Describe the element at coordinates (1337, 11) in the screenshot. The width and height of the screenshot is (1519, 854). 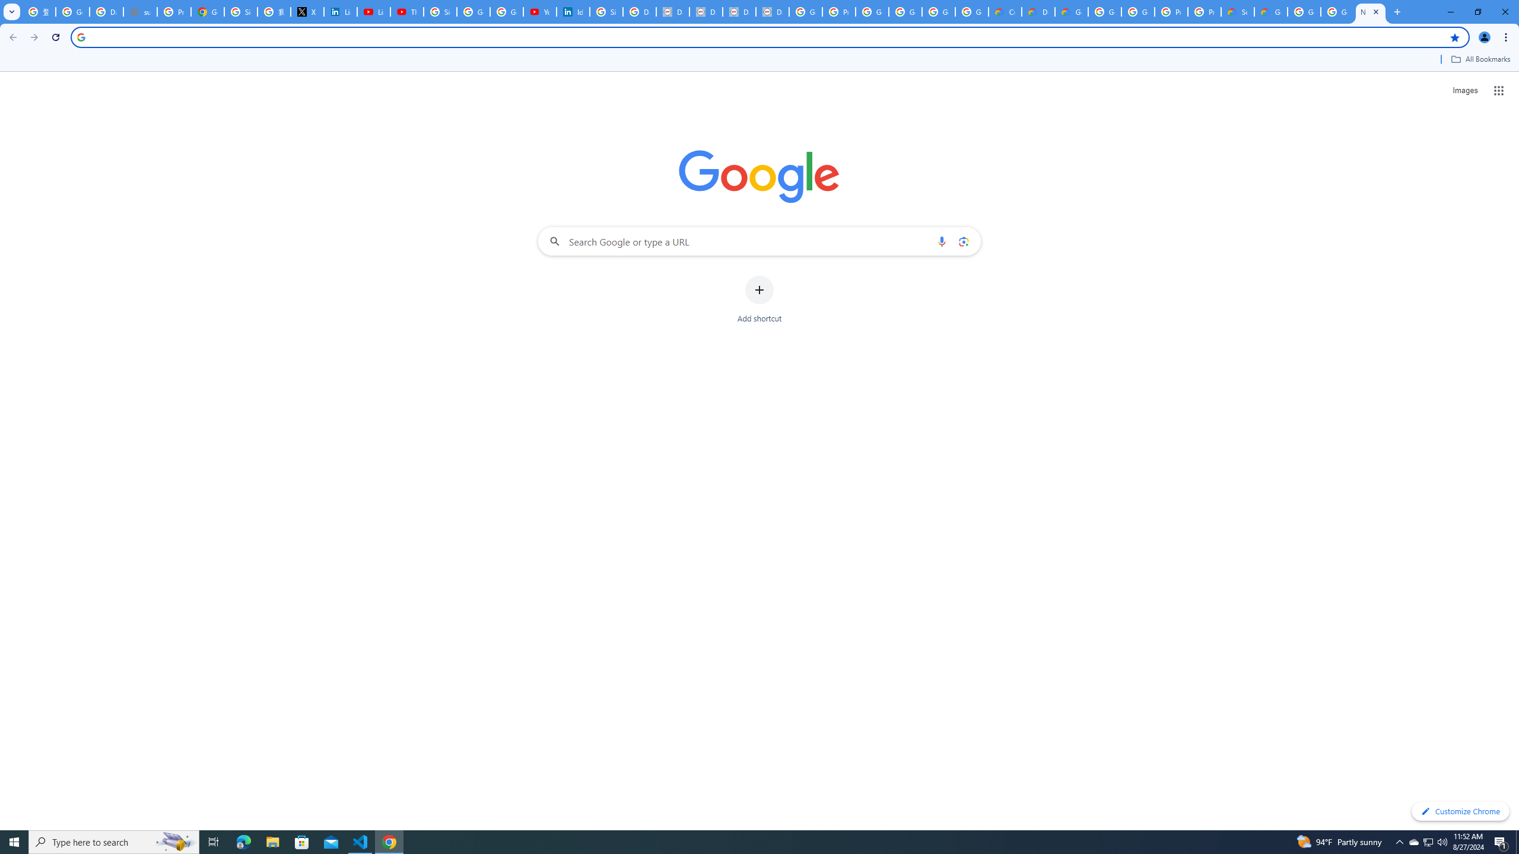
I see `'Google Cloud Platform'` at that location.